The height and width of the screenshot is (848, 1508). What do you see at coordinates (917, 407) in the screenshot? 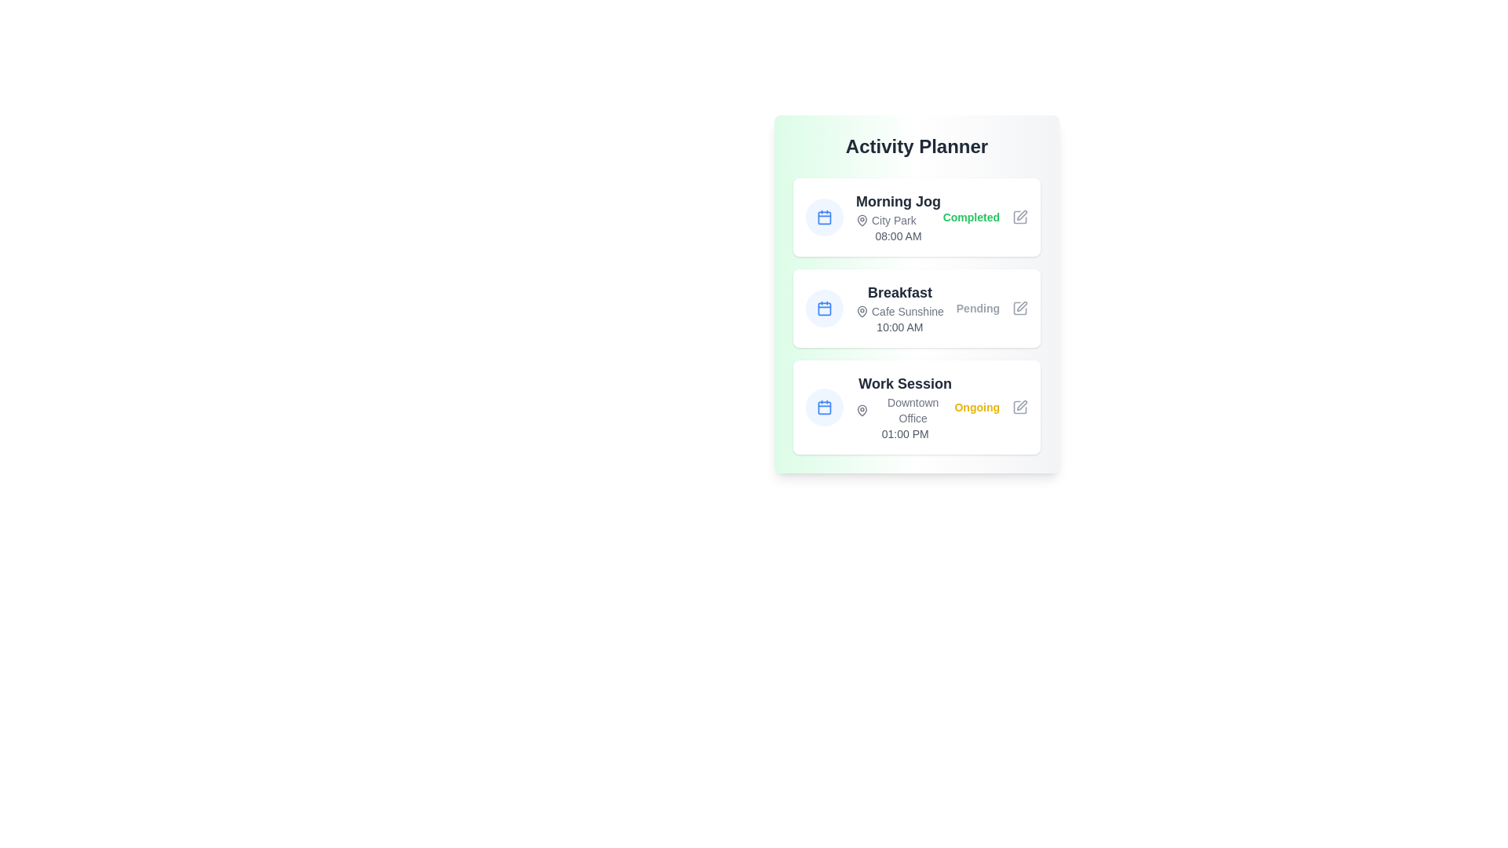
I see `the third card component titled 'Work Session' with a white background and rounded corners, located under the 'Breakfast' card in the 'Activity Planner'` at bounding box center [917, 407].